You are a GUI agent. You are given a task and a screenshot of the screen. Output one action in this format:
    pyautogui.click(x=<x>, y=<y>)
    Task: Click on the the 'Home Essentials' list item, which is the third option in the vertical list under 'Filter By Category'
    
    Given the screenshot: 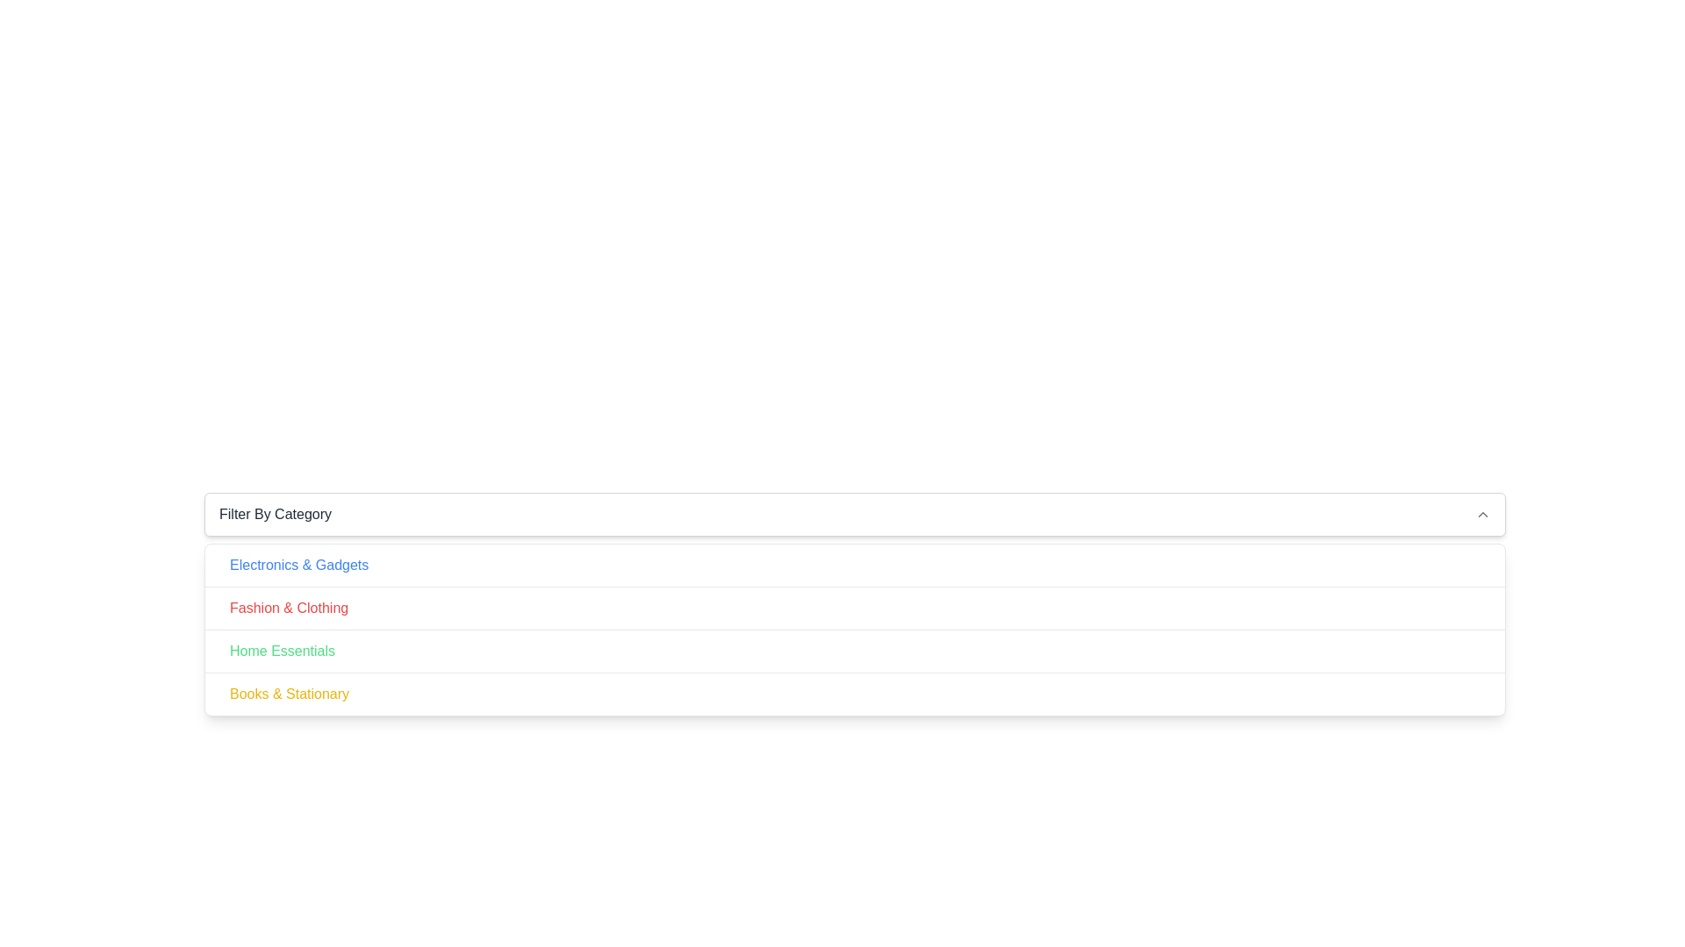 What is the action you would take?
    pyautogui.click(x=855, y=651)
    